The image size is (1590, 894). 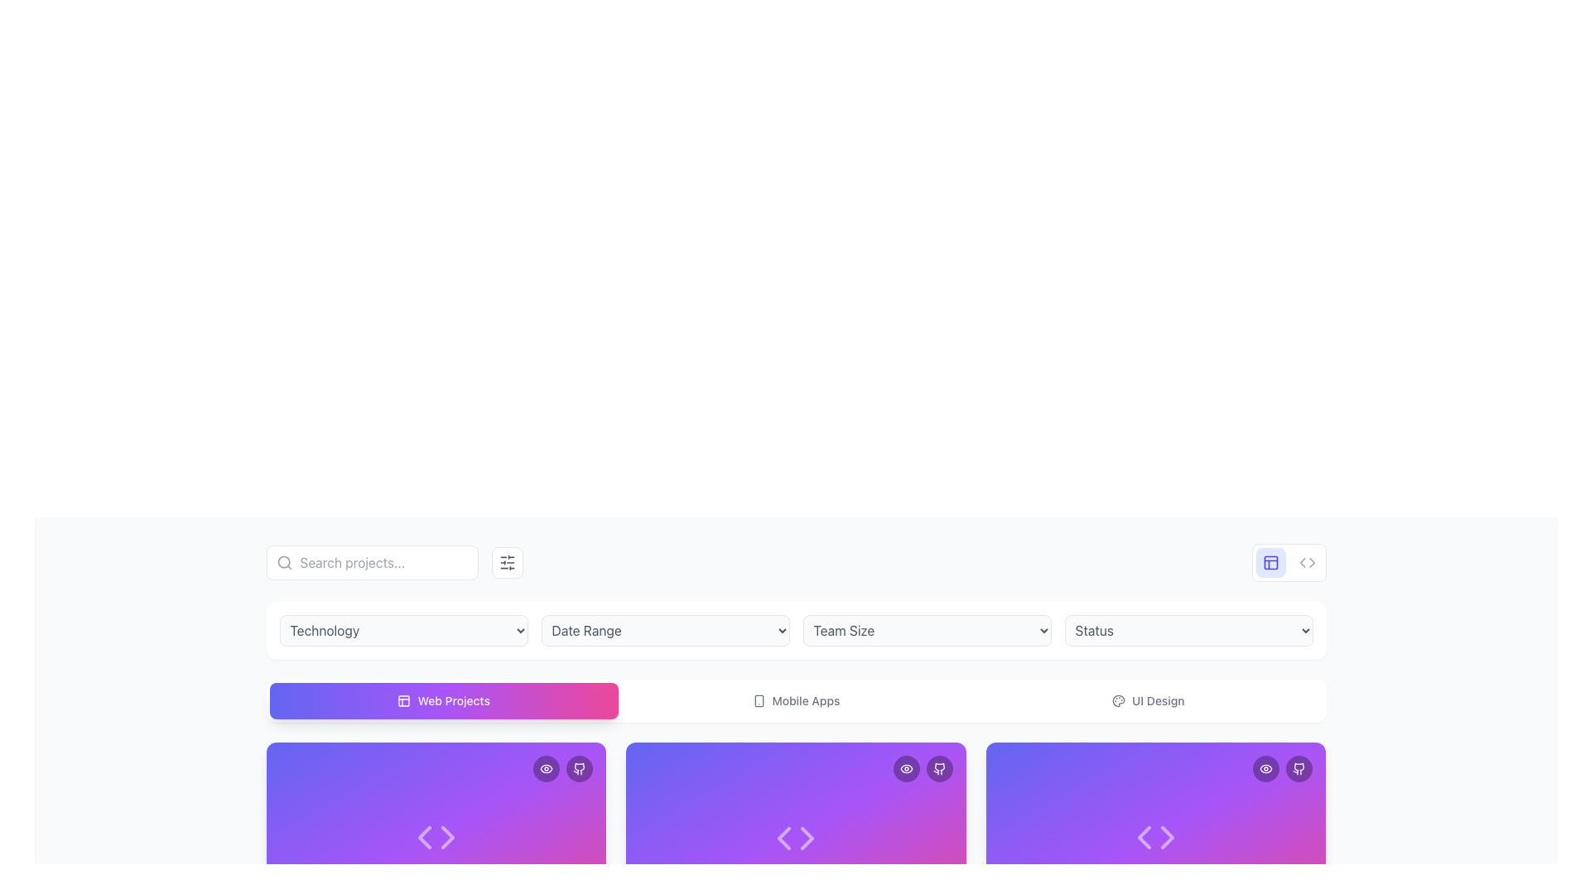 What do you see at coordinates (404, 701) in the screenshot?
I see `the small square shape with rounded corners located within the top-left corner panel layout icon in the top-right corner of the interface` at bounding box center [404, 701].